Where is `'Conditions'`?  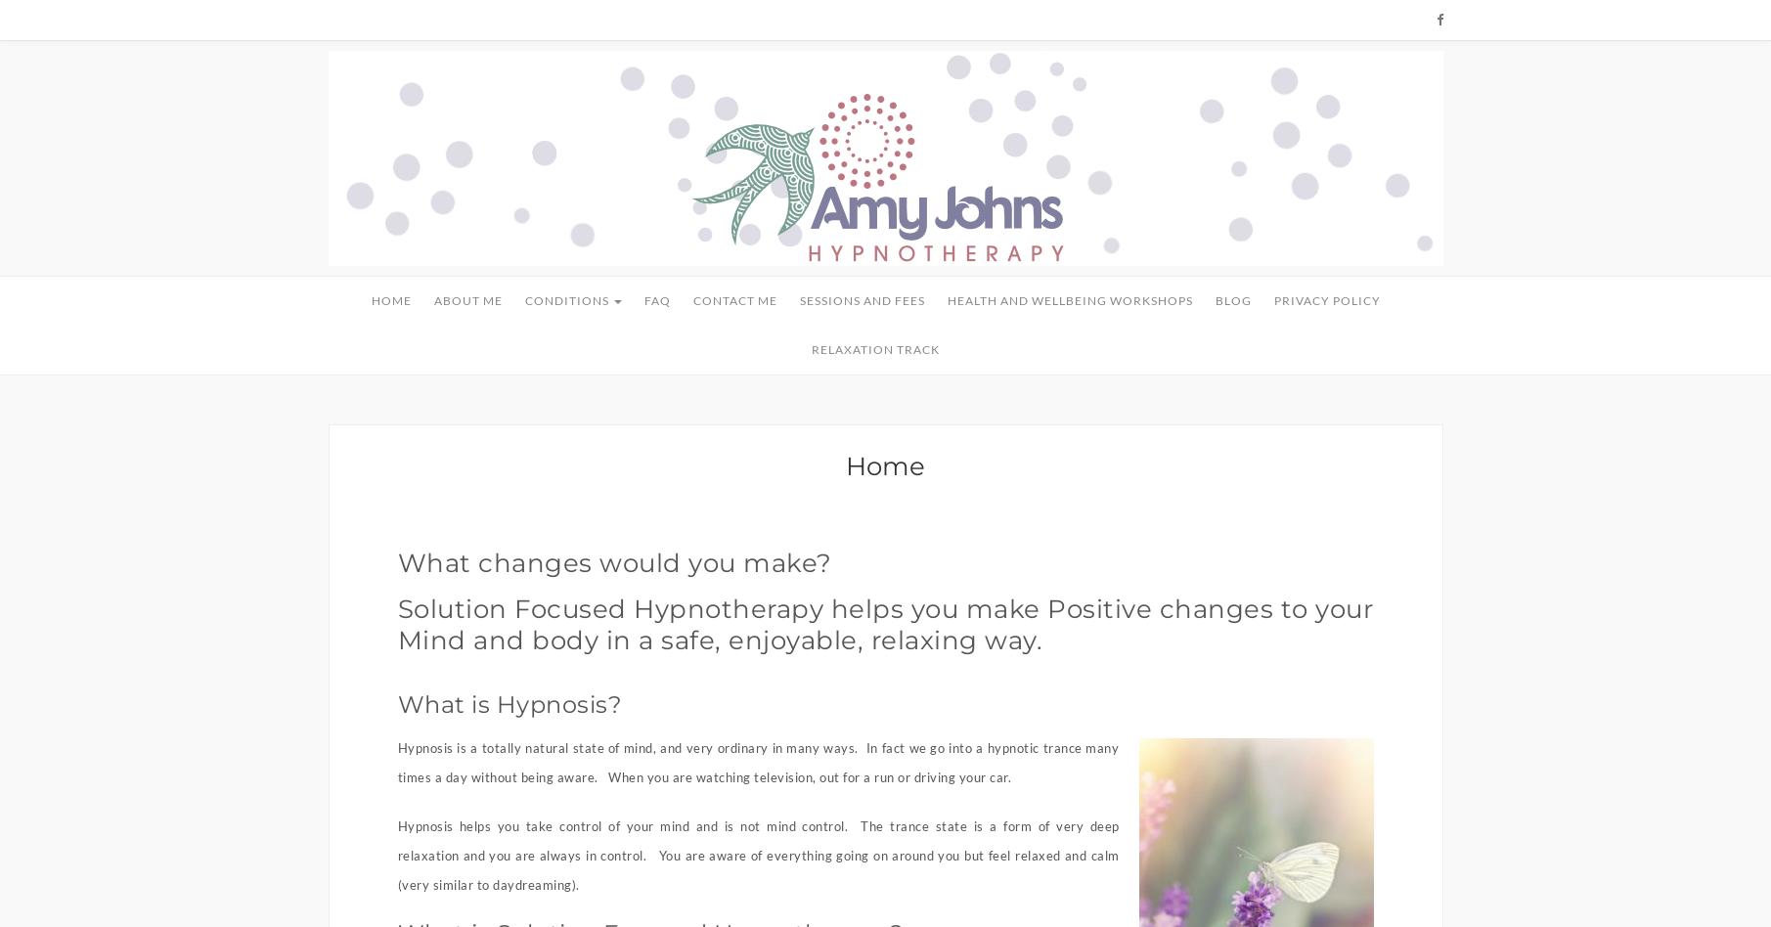
'Conditions' is located at coordinates (523, 300).